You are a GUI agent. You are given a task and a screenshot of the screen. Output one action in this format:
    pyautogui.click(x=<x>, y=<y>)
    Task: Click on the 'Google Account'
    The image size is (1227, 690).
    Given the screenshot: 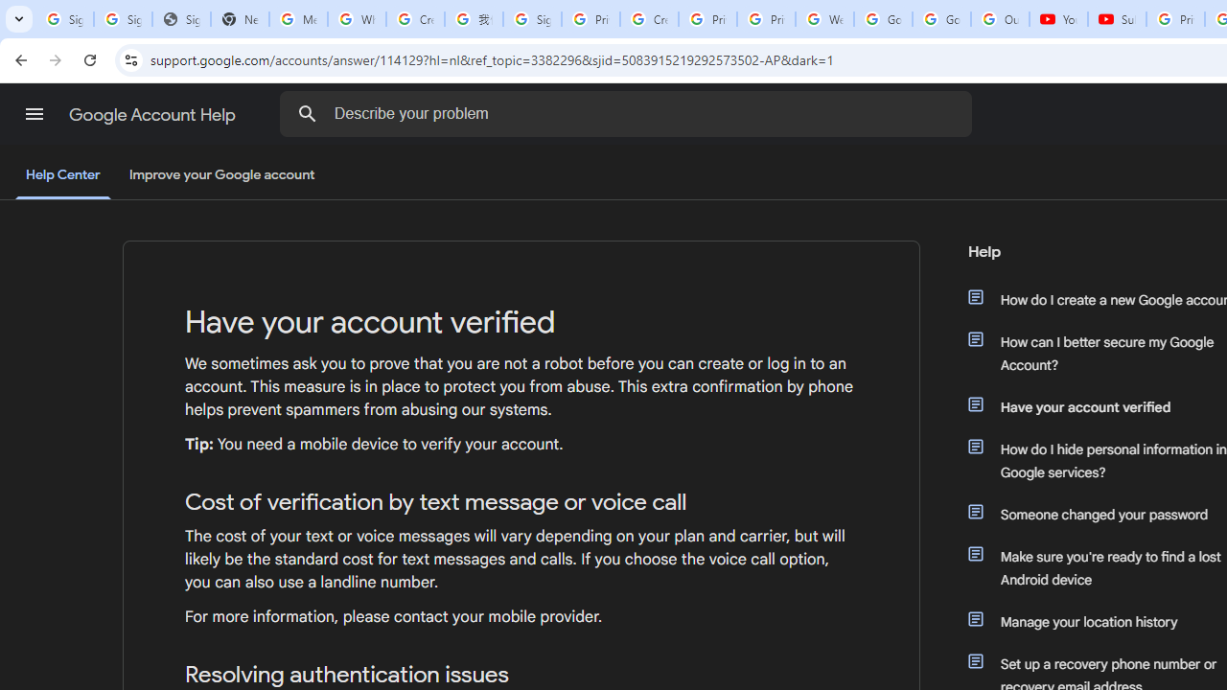 What is the action you would take?
    pyautogui.click(x=941, y=19)
    